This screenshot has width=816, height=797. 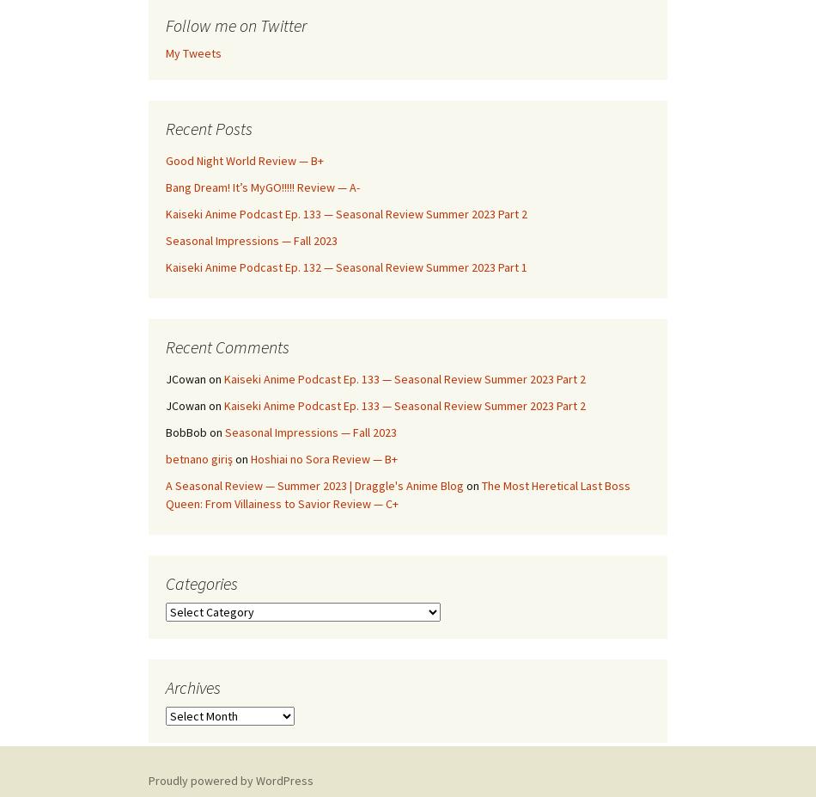 I want to click on 'Categories', so click(x=202, y=582).